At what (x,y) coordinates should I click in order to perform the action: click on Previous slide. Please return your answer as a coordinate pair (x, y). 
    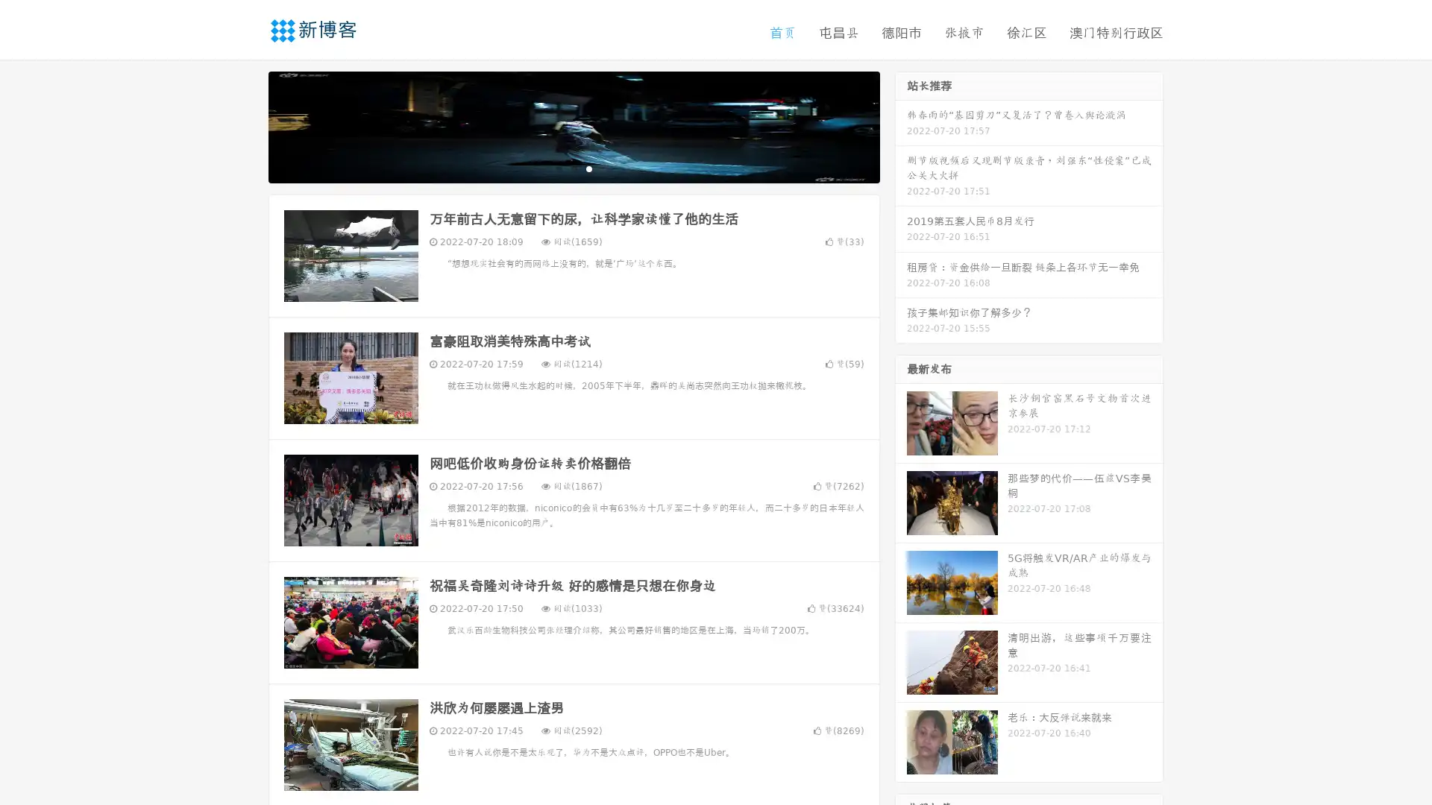
    Looking at the image, I should click on (246, 125).